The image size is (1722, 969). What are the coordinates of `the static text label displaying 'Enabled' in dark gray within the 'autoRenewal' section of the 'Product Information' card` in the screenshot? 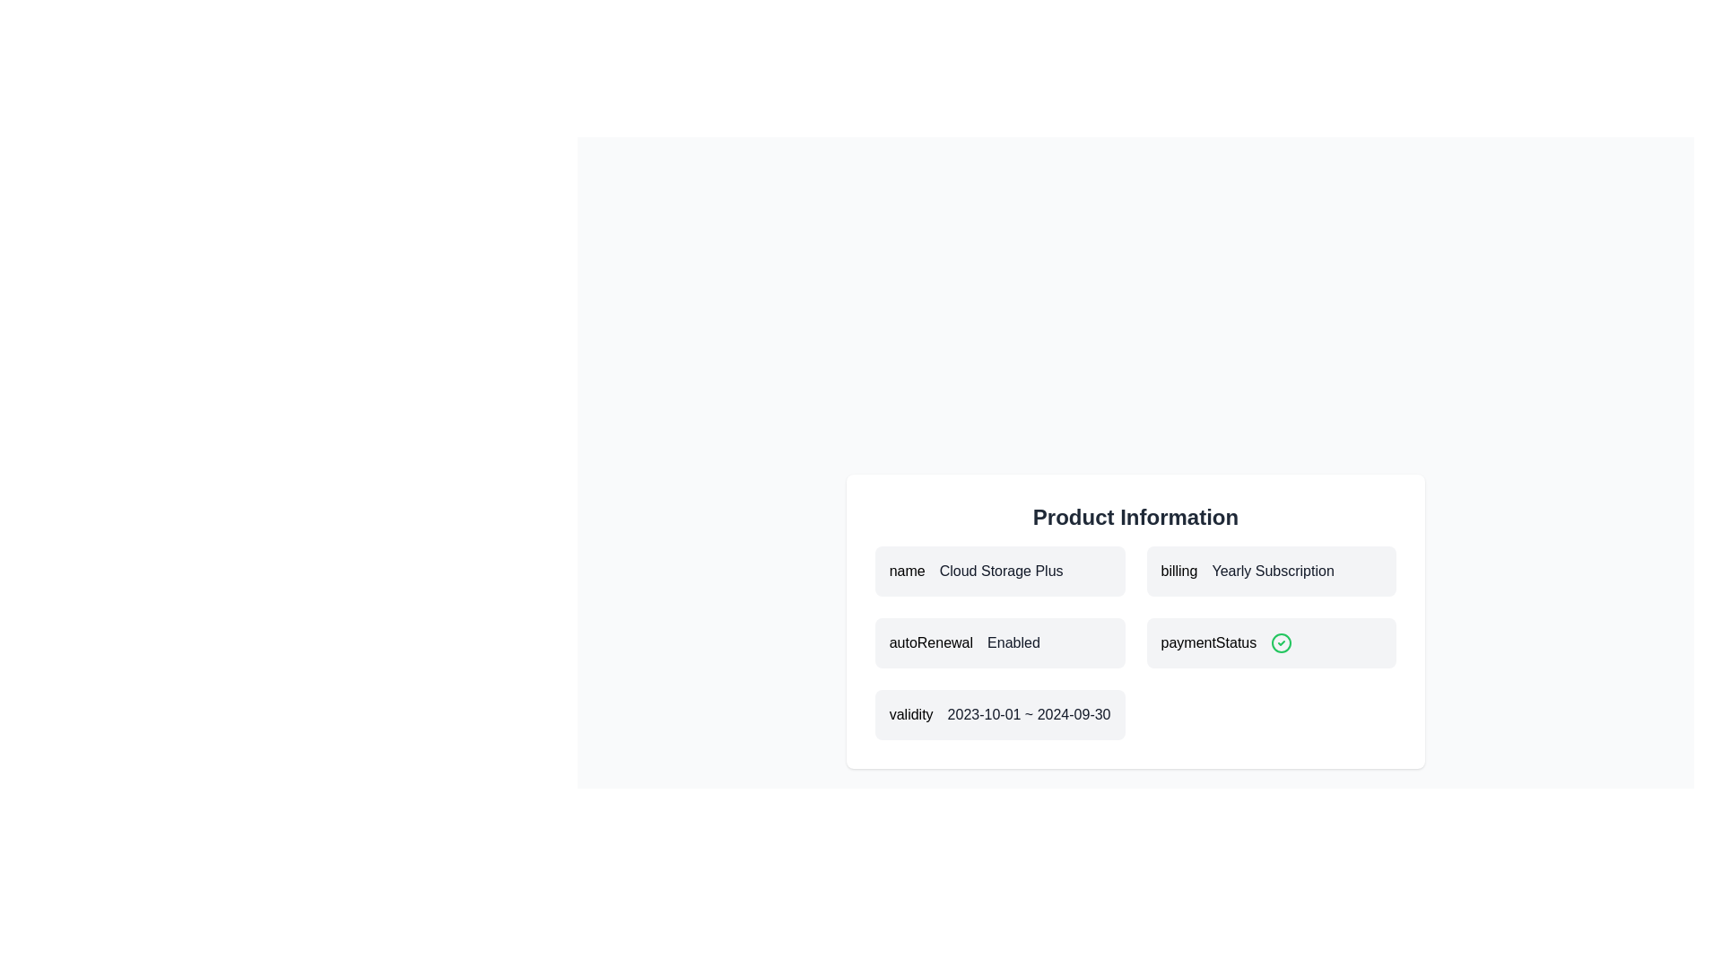 It's located at (1013, 642).